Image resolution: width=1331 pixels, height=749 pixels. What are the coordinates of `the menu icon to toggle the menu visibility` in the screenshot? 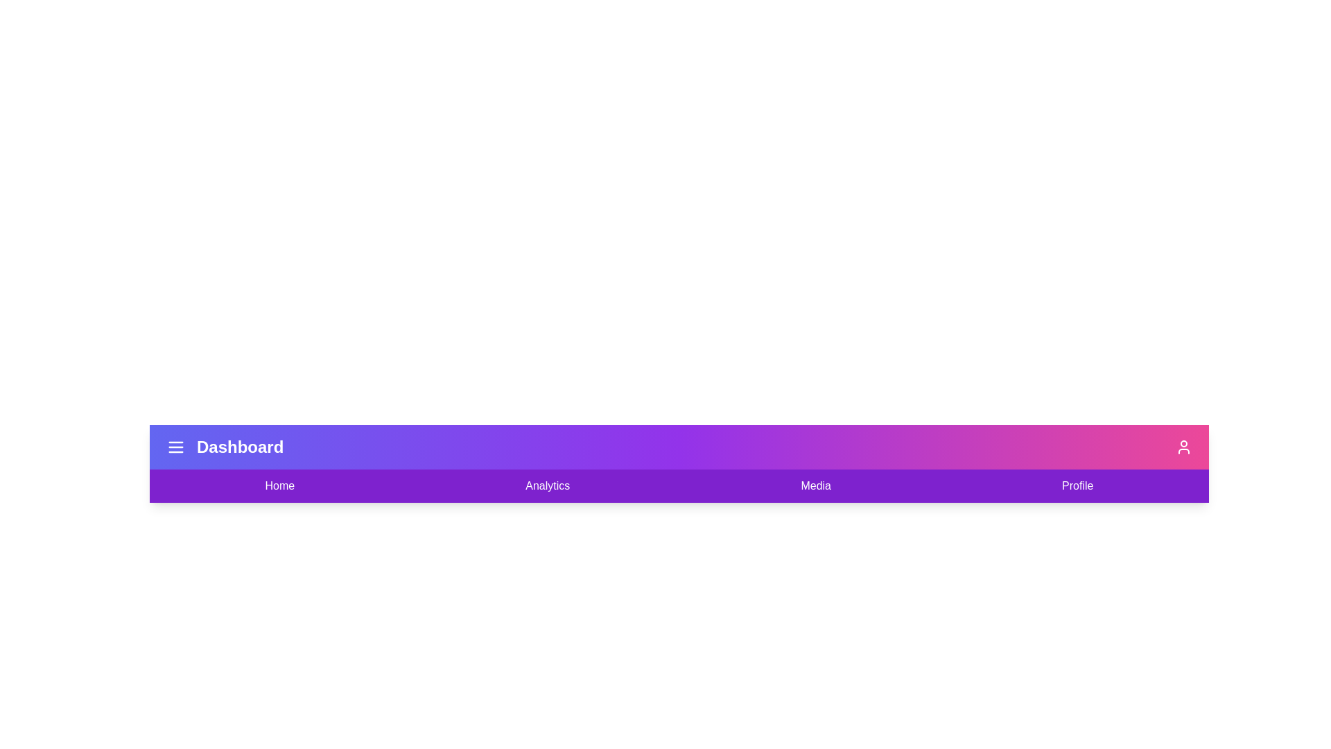 It's located at (175, 447).